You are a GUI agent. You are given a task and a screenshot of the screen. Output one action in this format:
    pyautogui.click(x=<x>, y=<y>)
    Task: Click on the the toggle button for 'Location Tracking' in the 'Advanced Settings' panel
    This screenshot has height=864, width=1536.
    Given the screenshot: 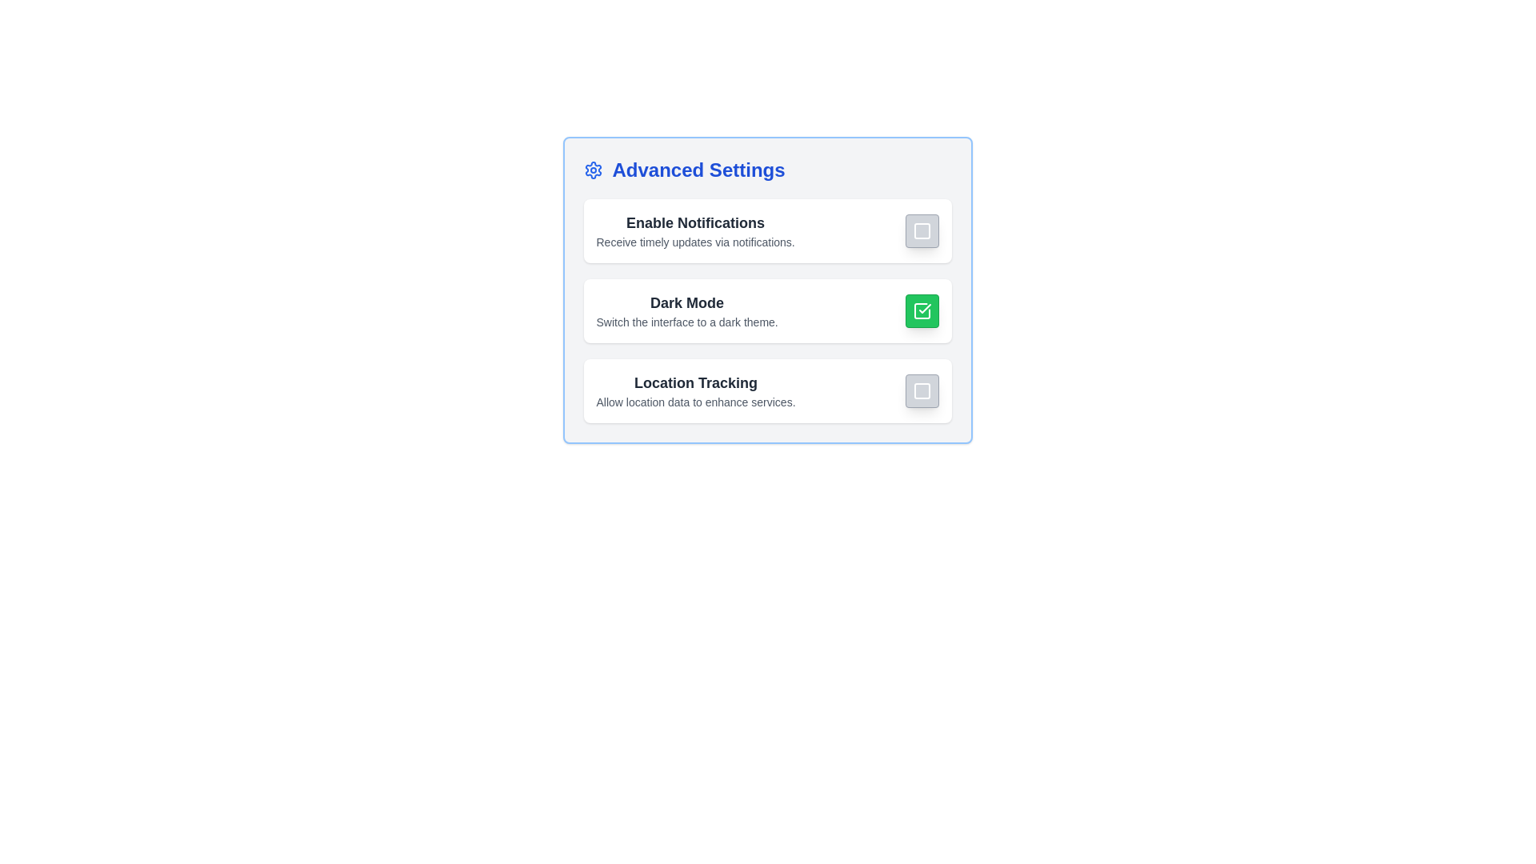 What is the action you would take?
    pyautogui.click(x=922, y=391)
    